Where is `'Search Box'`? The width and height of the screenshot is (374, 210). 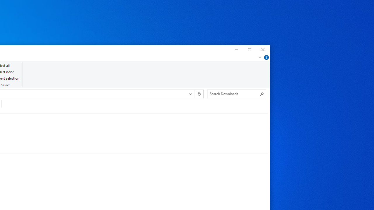 'Search Box' is located at coordinates (234, 93).